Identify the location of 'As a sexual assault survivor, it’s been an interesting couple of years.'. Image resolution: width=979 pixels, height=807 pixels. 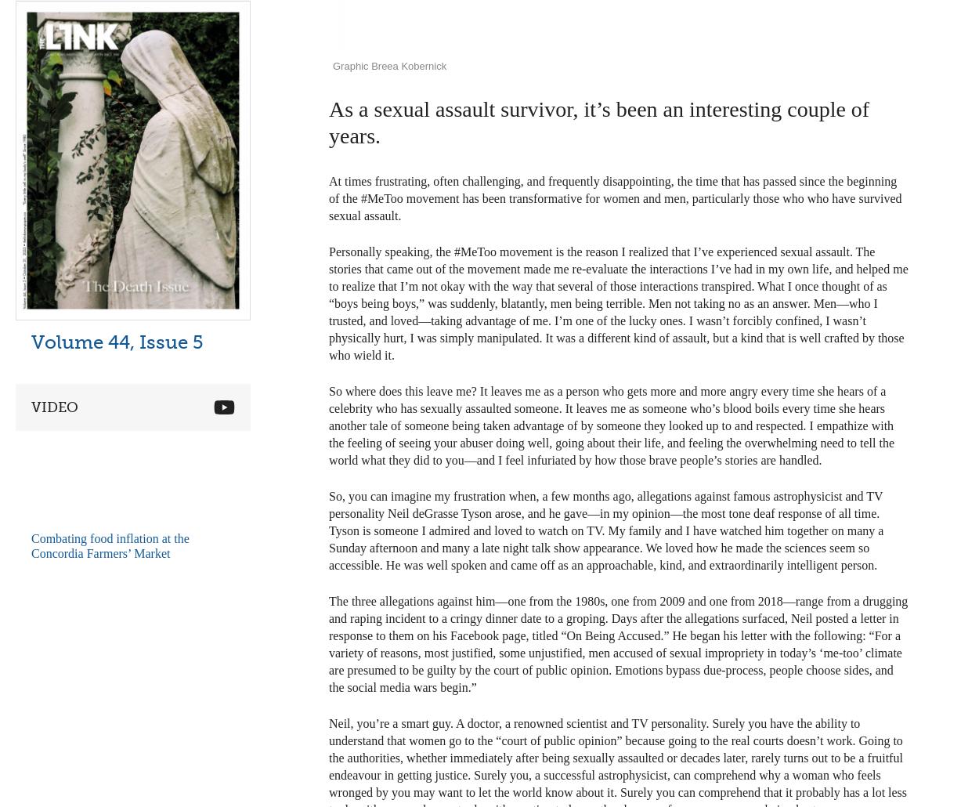
(599, 121).